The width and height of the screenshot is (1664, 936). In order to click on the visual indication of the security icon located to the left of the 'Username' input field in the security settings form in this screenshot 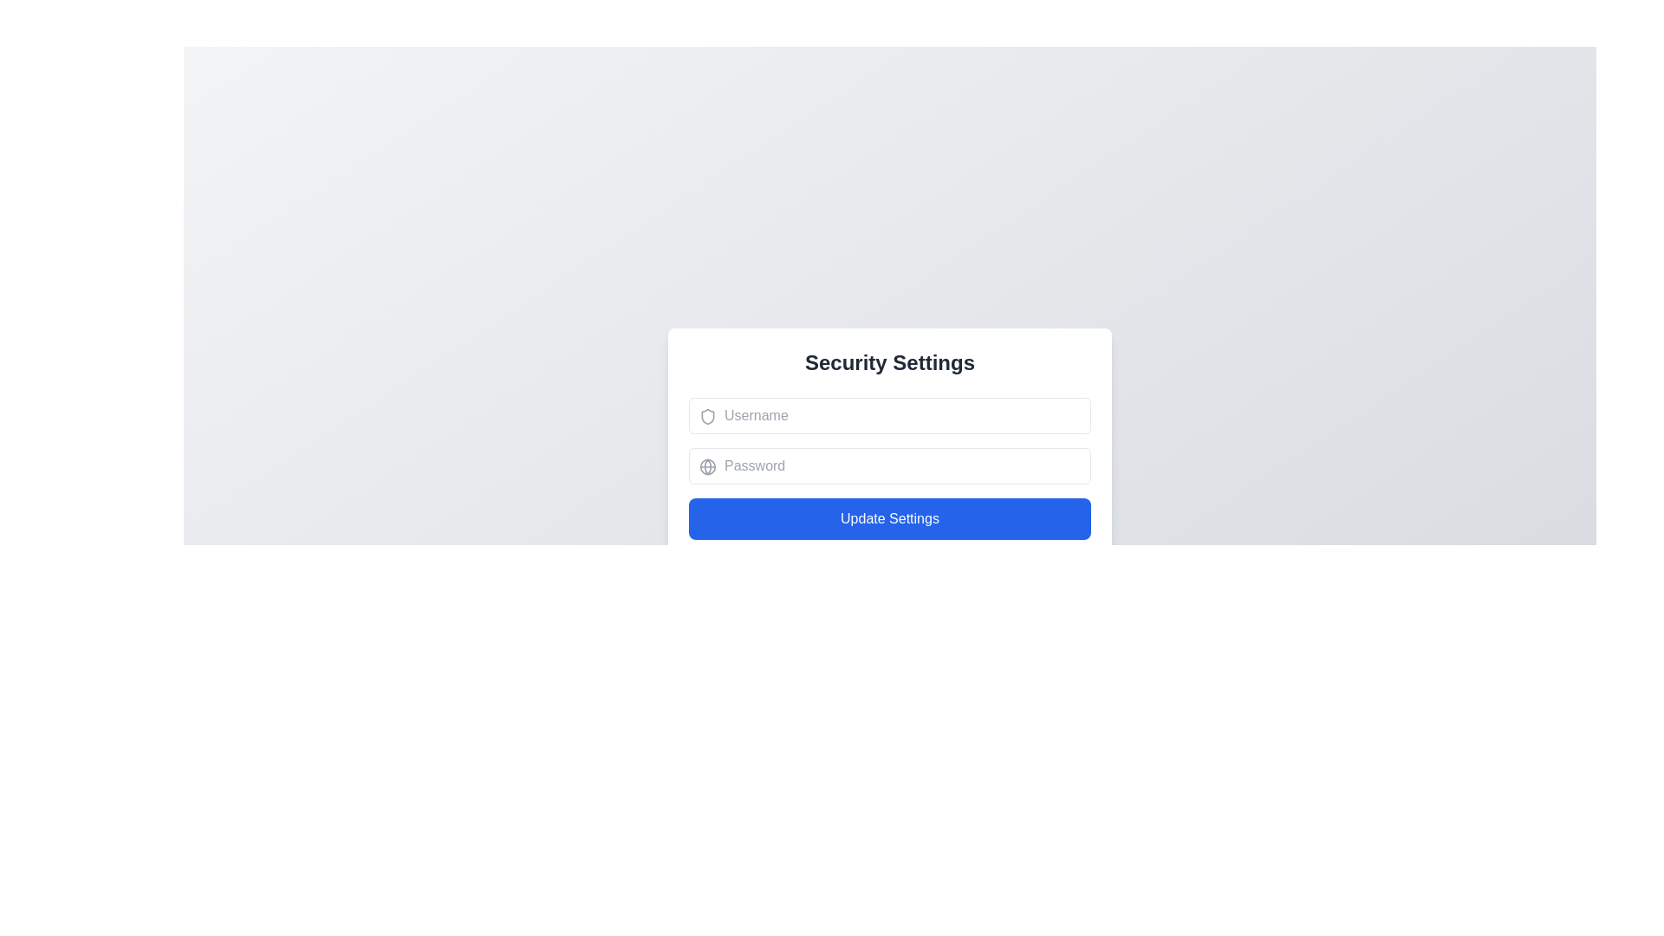, I will do `click(707, 415)`.